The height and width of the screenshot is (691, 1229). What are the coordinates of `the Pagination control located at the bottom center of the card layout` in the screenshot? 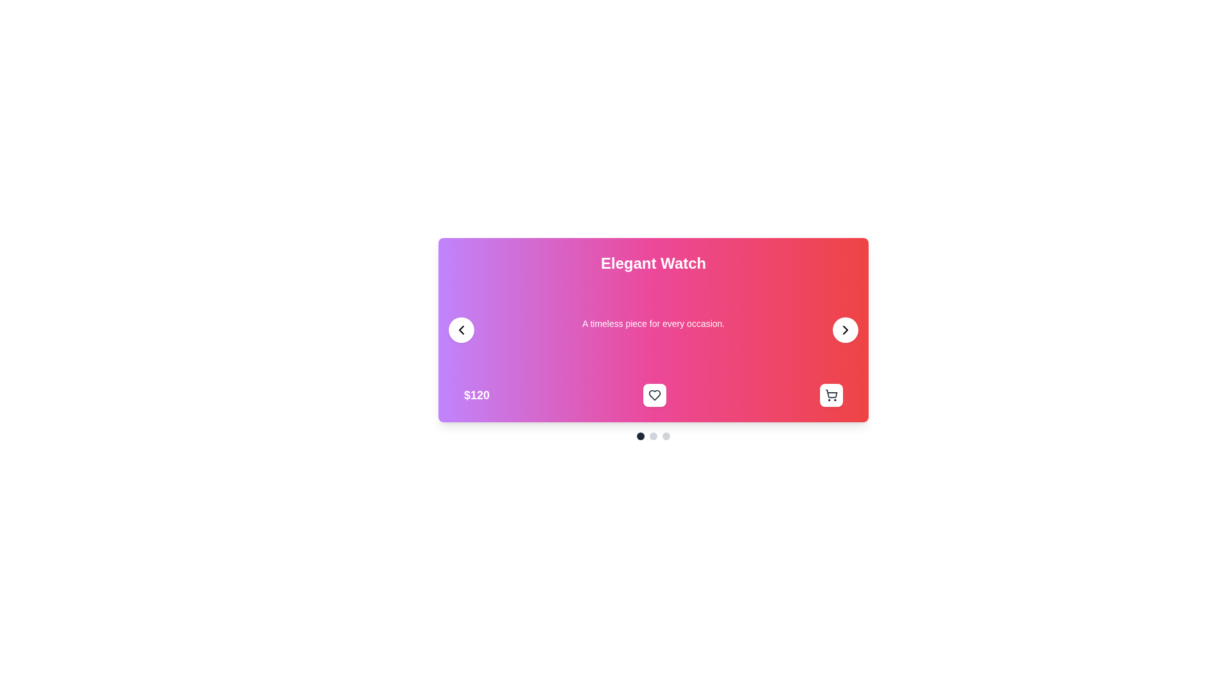 It's located at (654, 436).